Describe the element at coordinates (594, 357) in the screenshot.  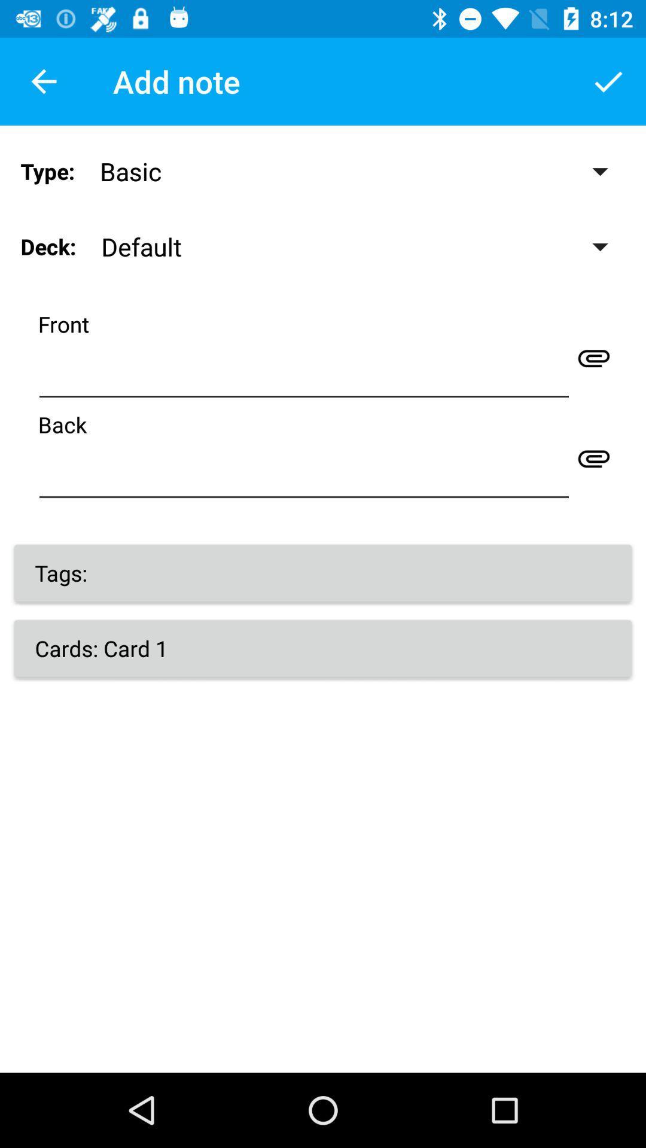
I see `attachment icon at front line` at that location.